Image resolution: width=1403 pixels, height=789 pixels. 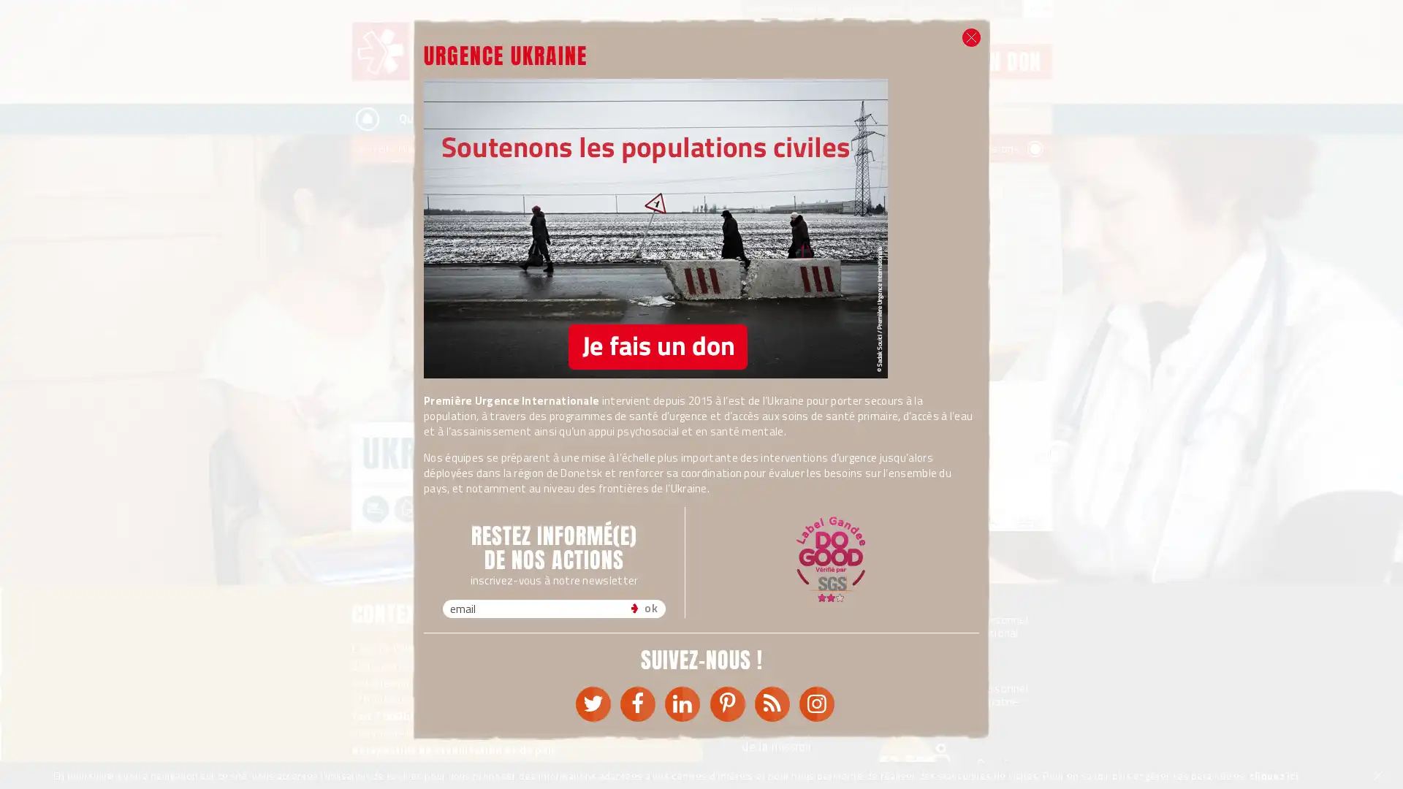 What do you see at coordinates (900, 119) in the screenshot?
I see `Rechercher` at bounding box center [900, 119].